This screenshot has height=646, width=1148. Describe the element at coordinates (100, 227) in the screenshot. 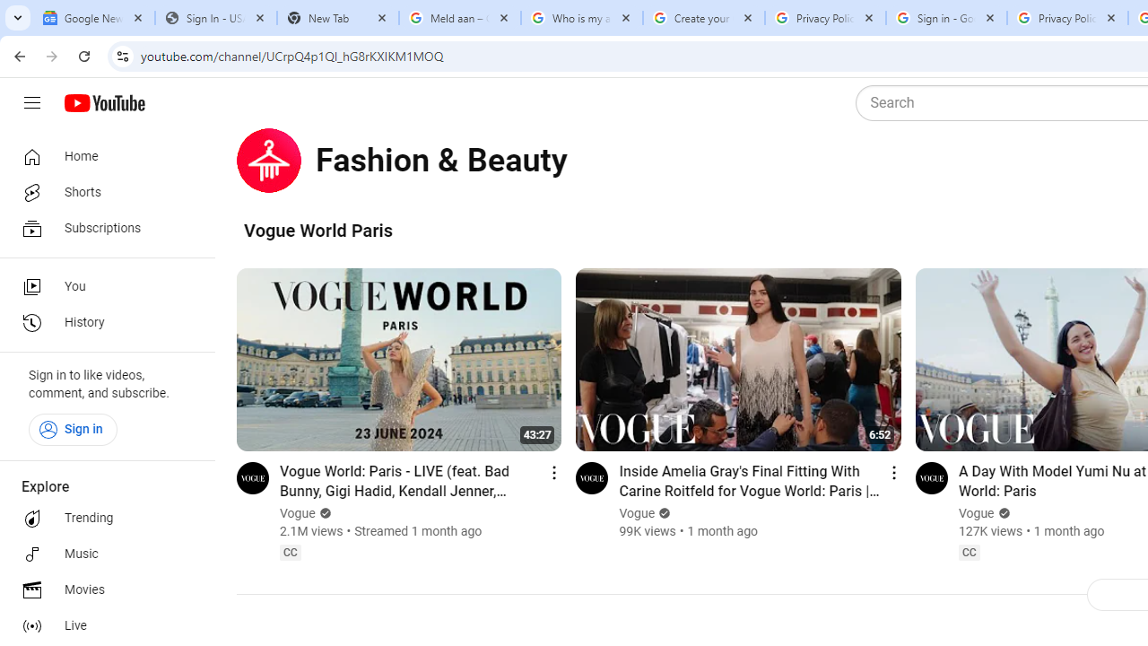

I see `'Subscriptions'` at that location.